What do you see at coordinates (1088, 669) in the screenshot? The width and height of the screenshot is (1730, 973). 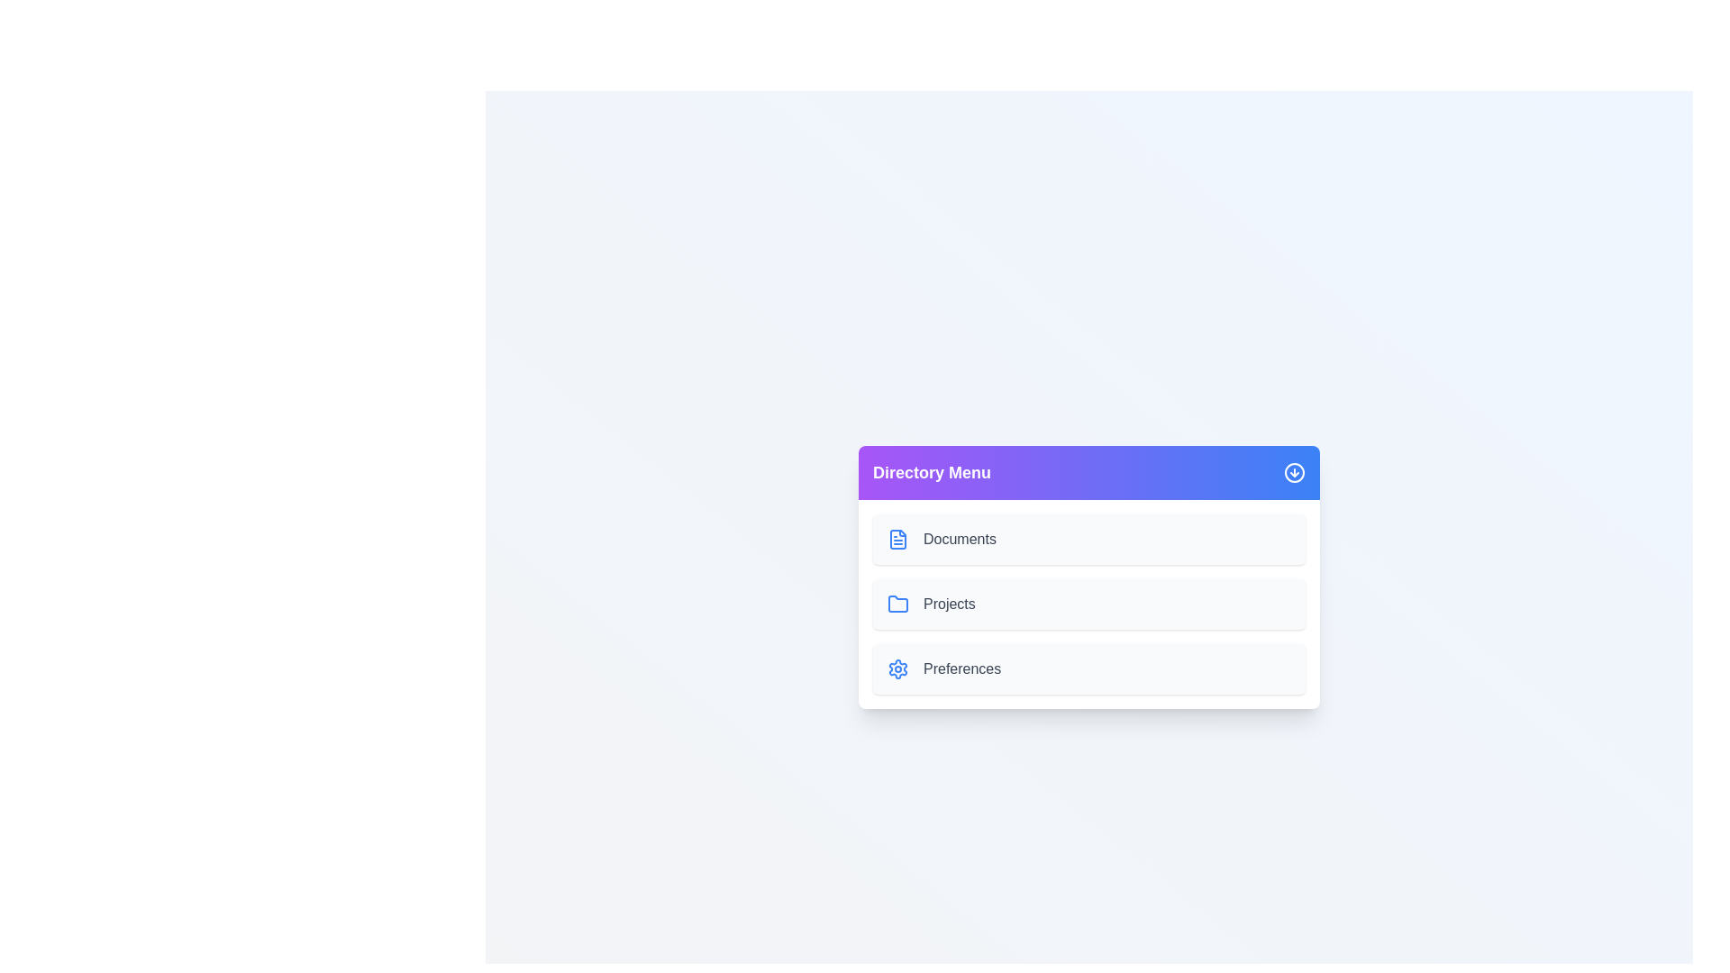 I see `the item Preferences to observe its hover effect` at bounding box center [1088, 669].